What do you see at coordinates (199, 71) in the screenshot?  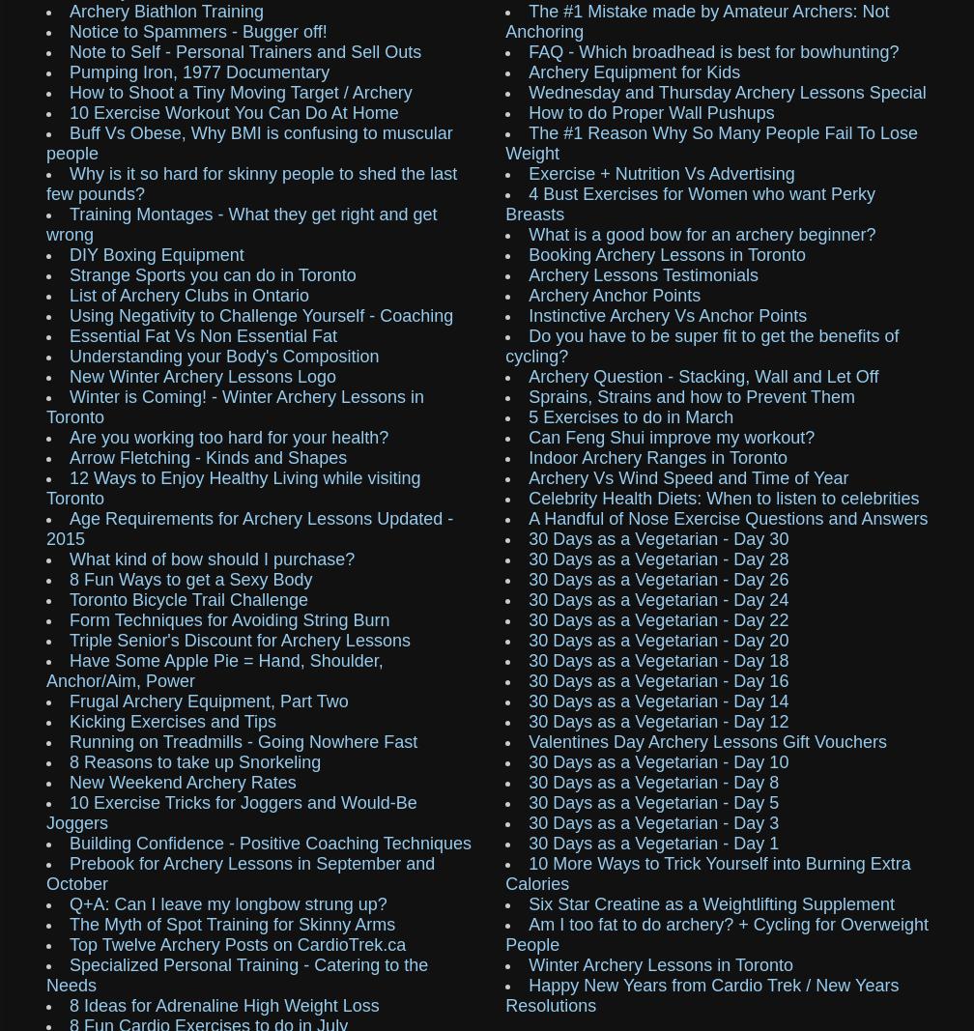 I see `'Pumping Iron, 1977 Documentary'` at bounding box center [199, 71].